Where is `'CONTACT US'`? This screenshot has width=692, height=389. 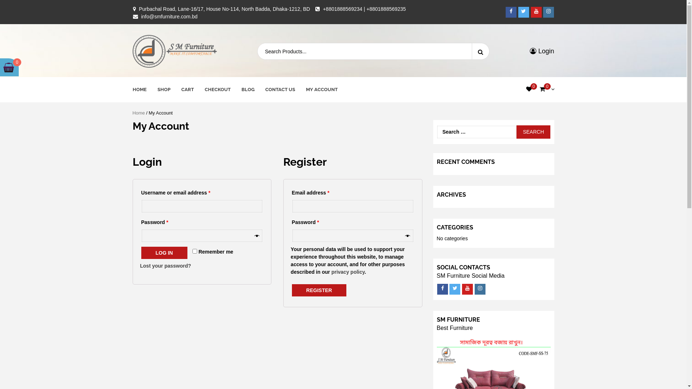 'CONTACT US' is located at coordinates (280, 89).